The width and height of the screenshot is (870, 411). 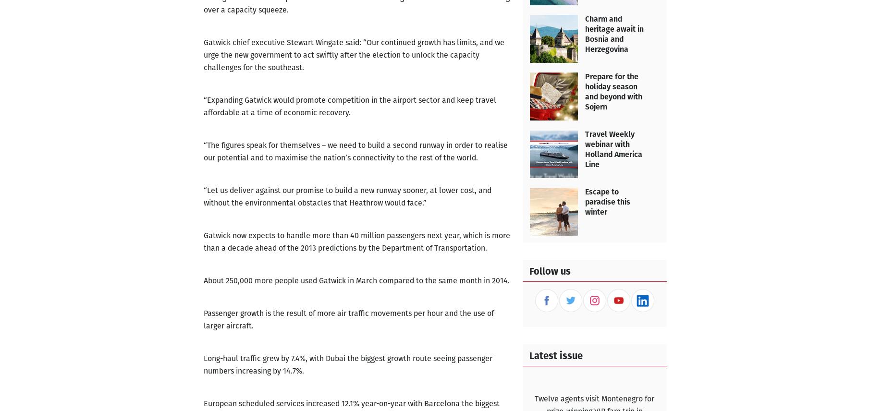 What do you see at coordinates (614, 35) in the screenshot?
I see `'Charm and heritage await in Bosnia and Herzegovina'` at bounding box center [614, 35].